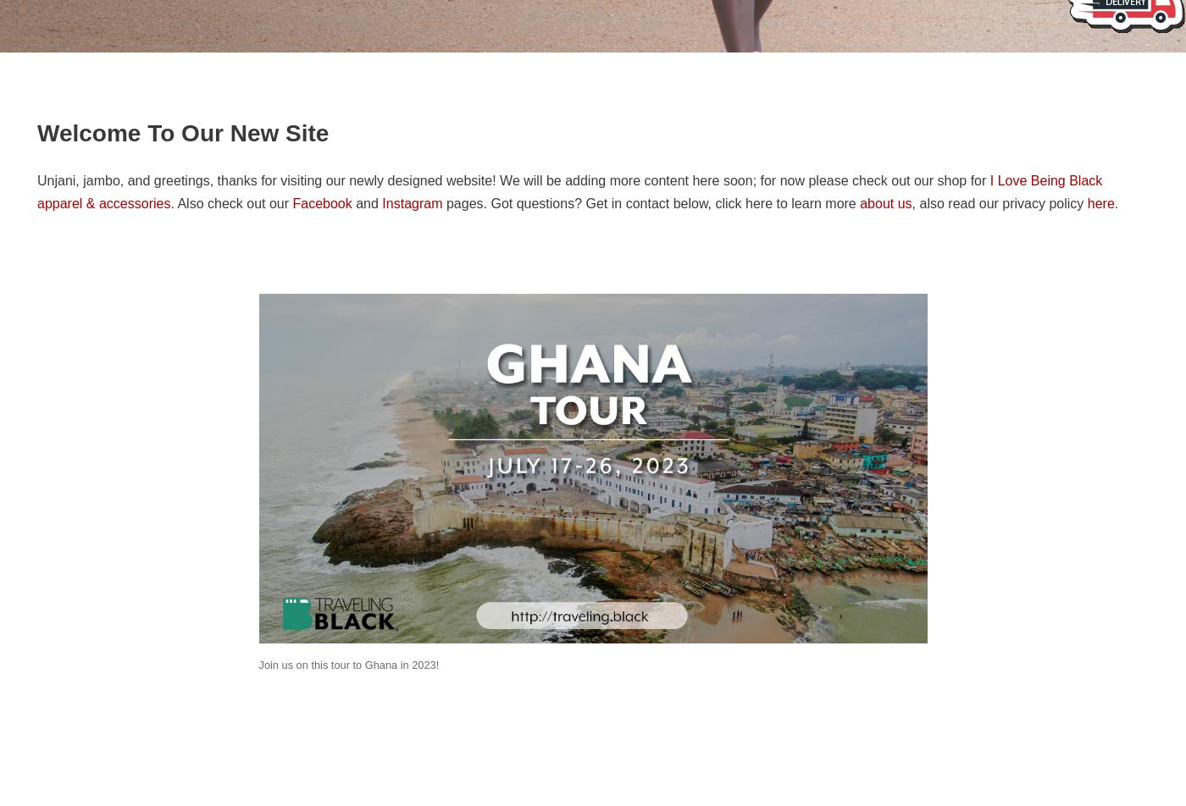 Image resolution: width=1186 pixels, height=806 pixels. I want to click on 'Facebook', so click(321, 203).